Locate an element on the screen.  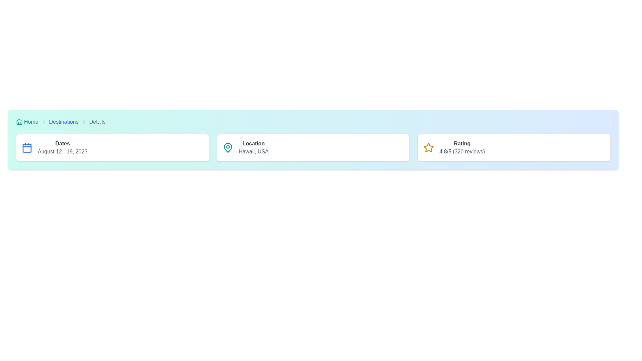
the 'Destinations' text link, which is the second interactive link in the breadcrumb navigation bar is located at coordinates (64, 122).